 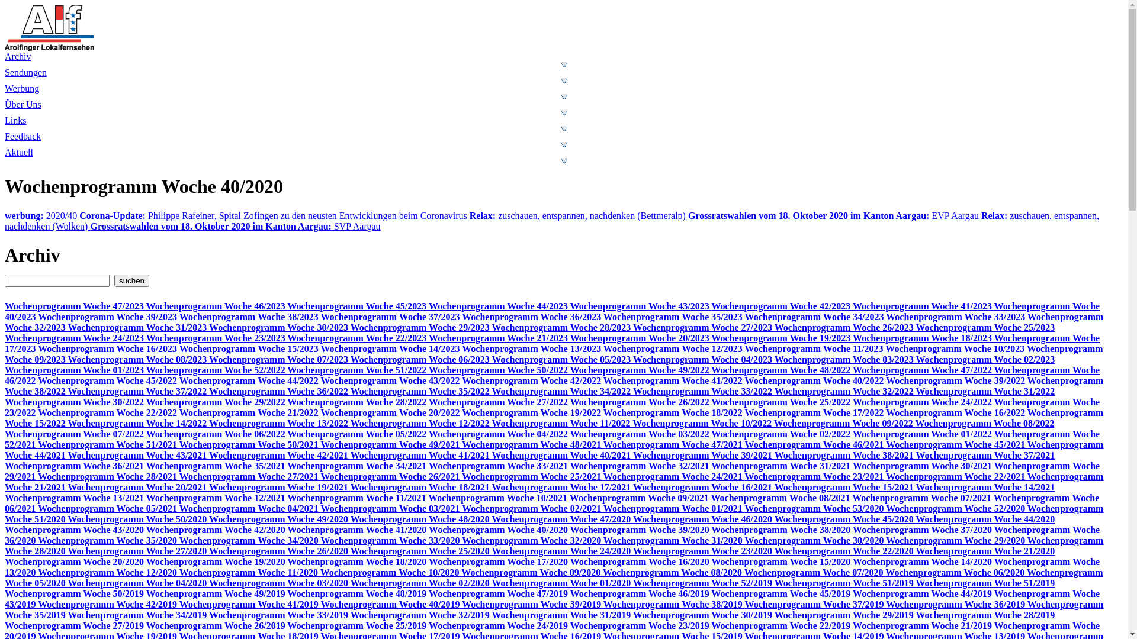 What do you see at coordinates (279, 327) in the screenshot?
I see `'Wochenprogramm Woche 30/2023'` at bounding box center [279, 327].